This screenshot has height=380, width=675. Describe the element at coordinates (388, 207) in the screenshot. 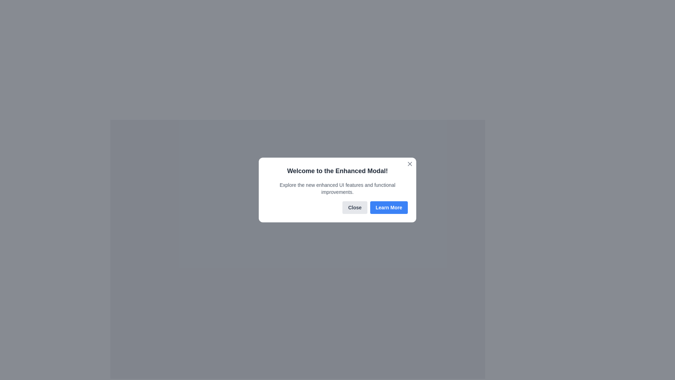

I see `the rectangular button with rounded corners that has a blue background and white bold text reading 'Learn More' to observe its hover effects` at that location.